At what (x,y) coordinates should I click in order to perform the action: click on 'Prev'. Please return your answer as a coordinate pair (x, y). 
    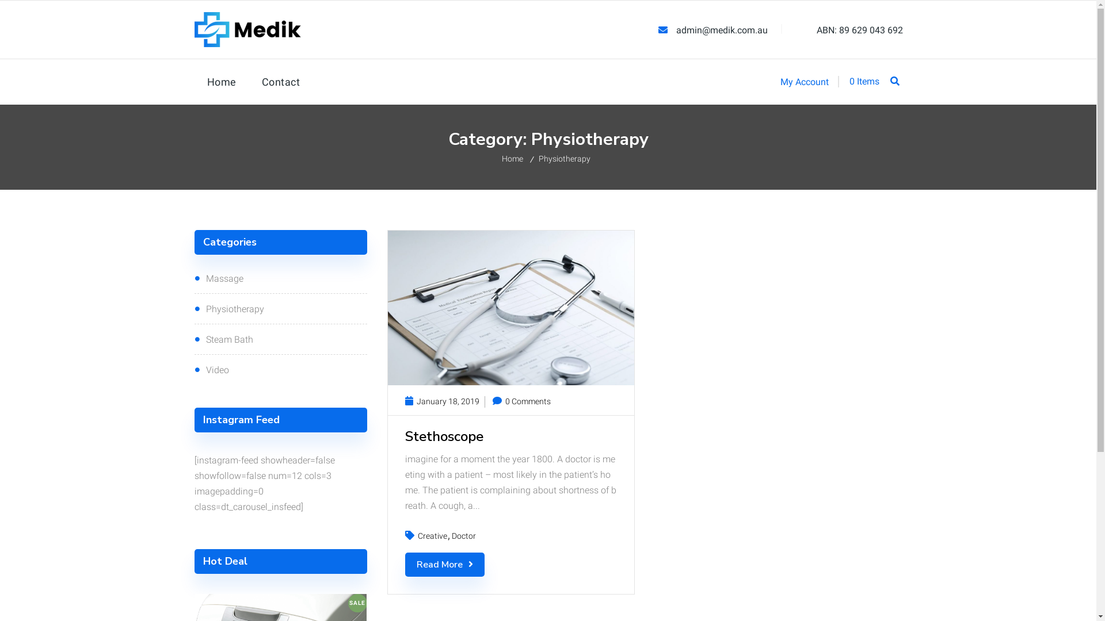
    Looking at the image, I should click on (367, 307).